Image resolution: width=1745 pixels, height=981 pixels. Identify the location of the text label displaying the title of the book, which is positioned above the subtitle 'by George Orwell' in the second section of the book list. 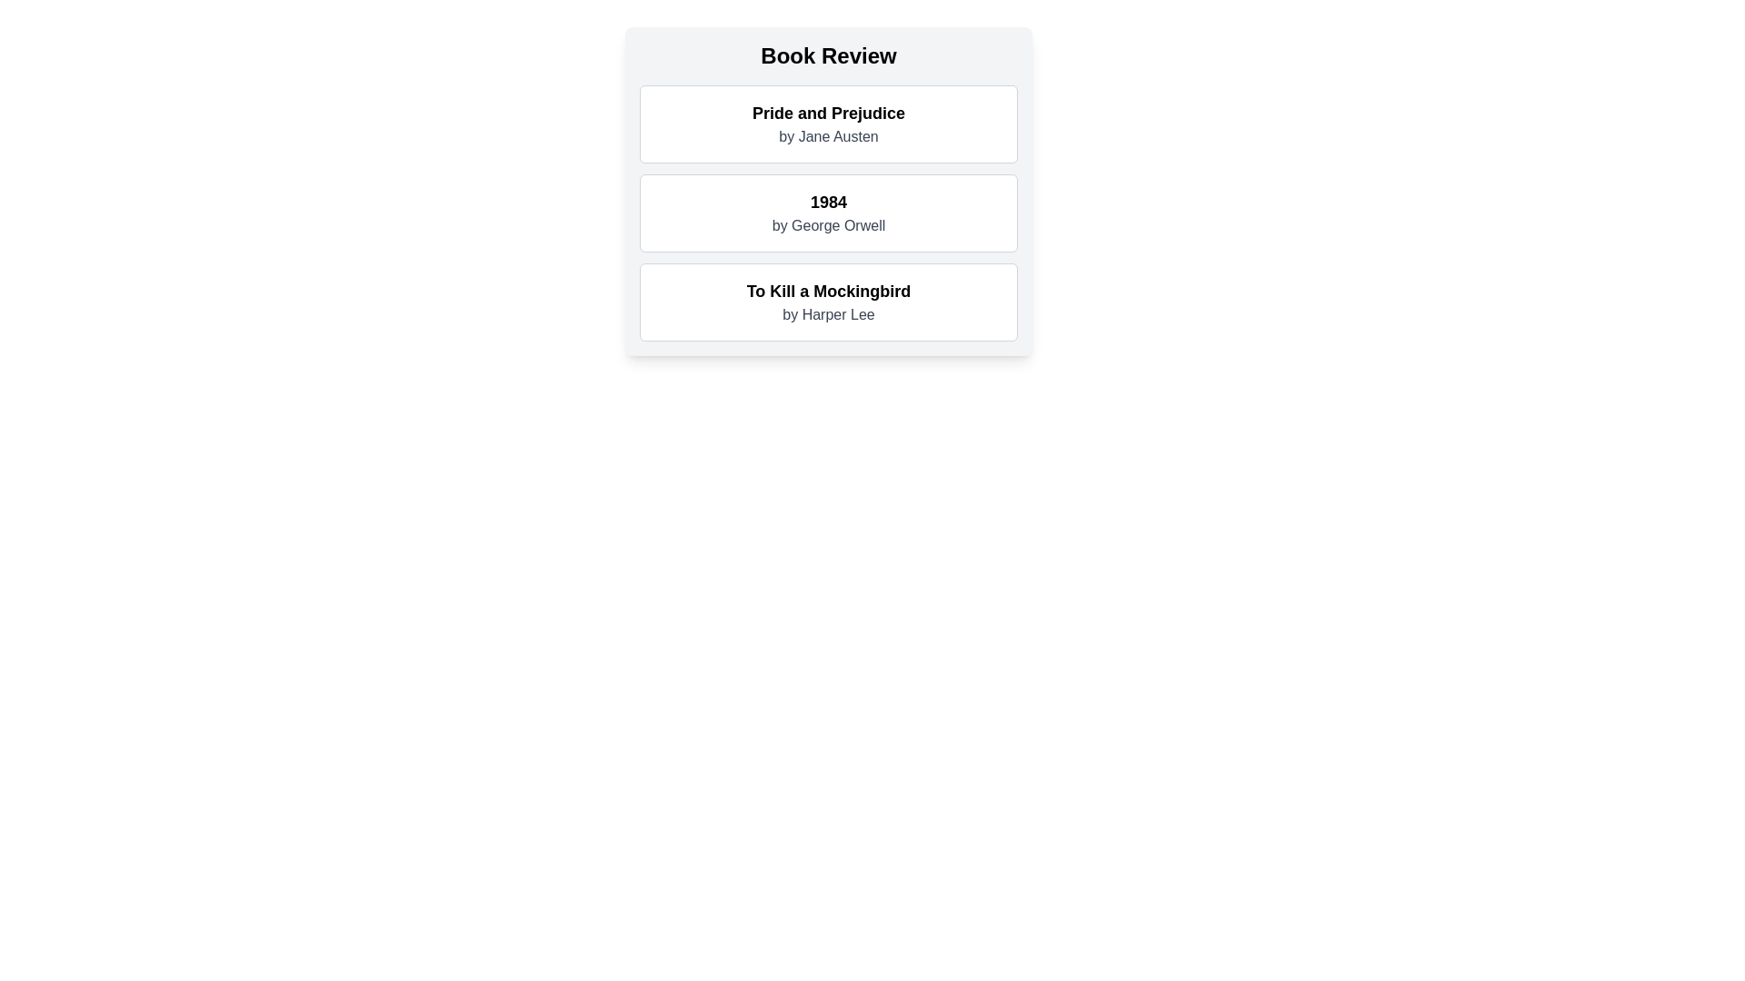
(828, 203).